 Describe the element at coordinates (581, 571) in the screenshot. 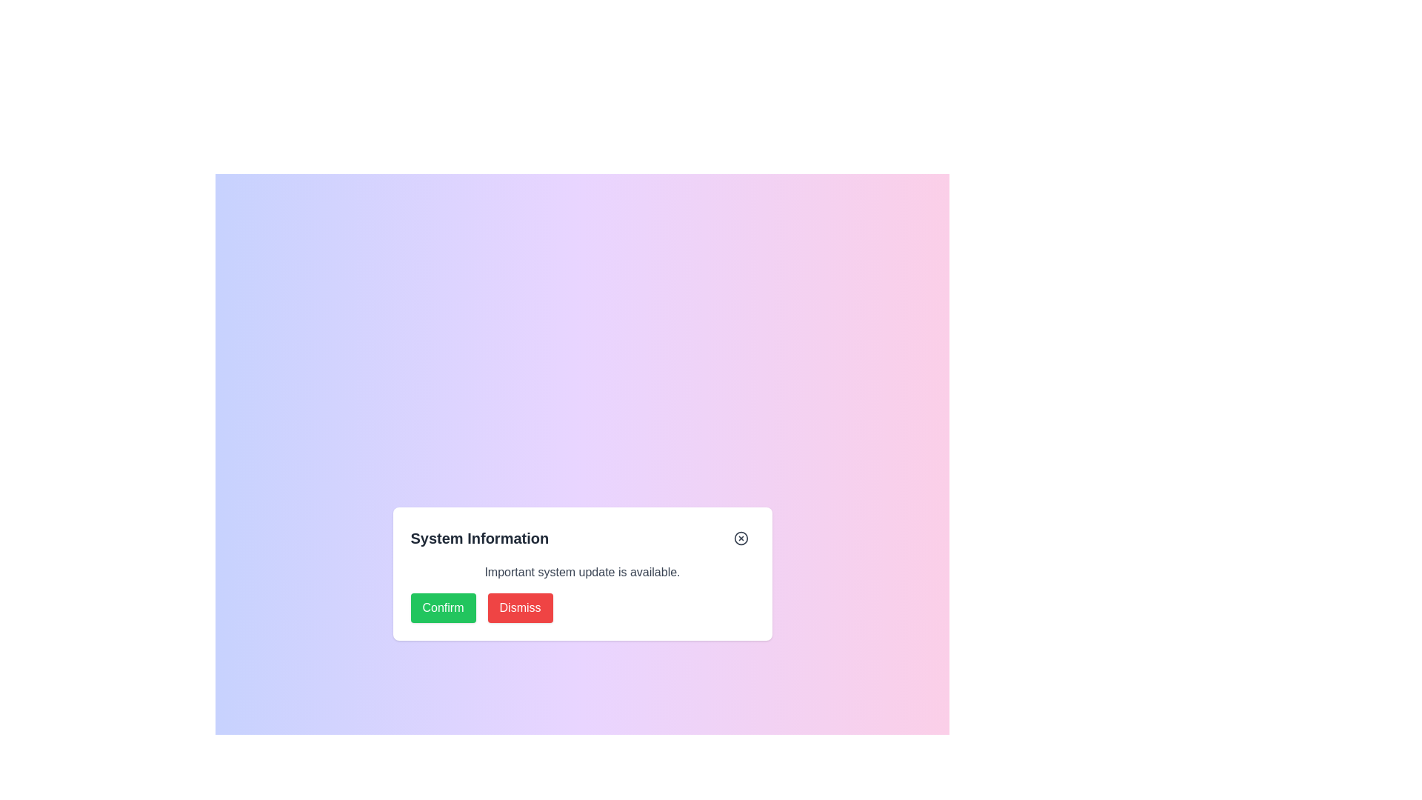

I see `the static informational label that provides a crucial message about system update availability, located at the topmost position of the notification interface, slightly below the header` at that location.